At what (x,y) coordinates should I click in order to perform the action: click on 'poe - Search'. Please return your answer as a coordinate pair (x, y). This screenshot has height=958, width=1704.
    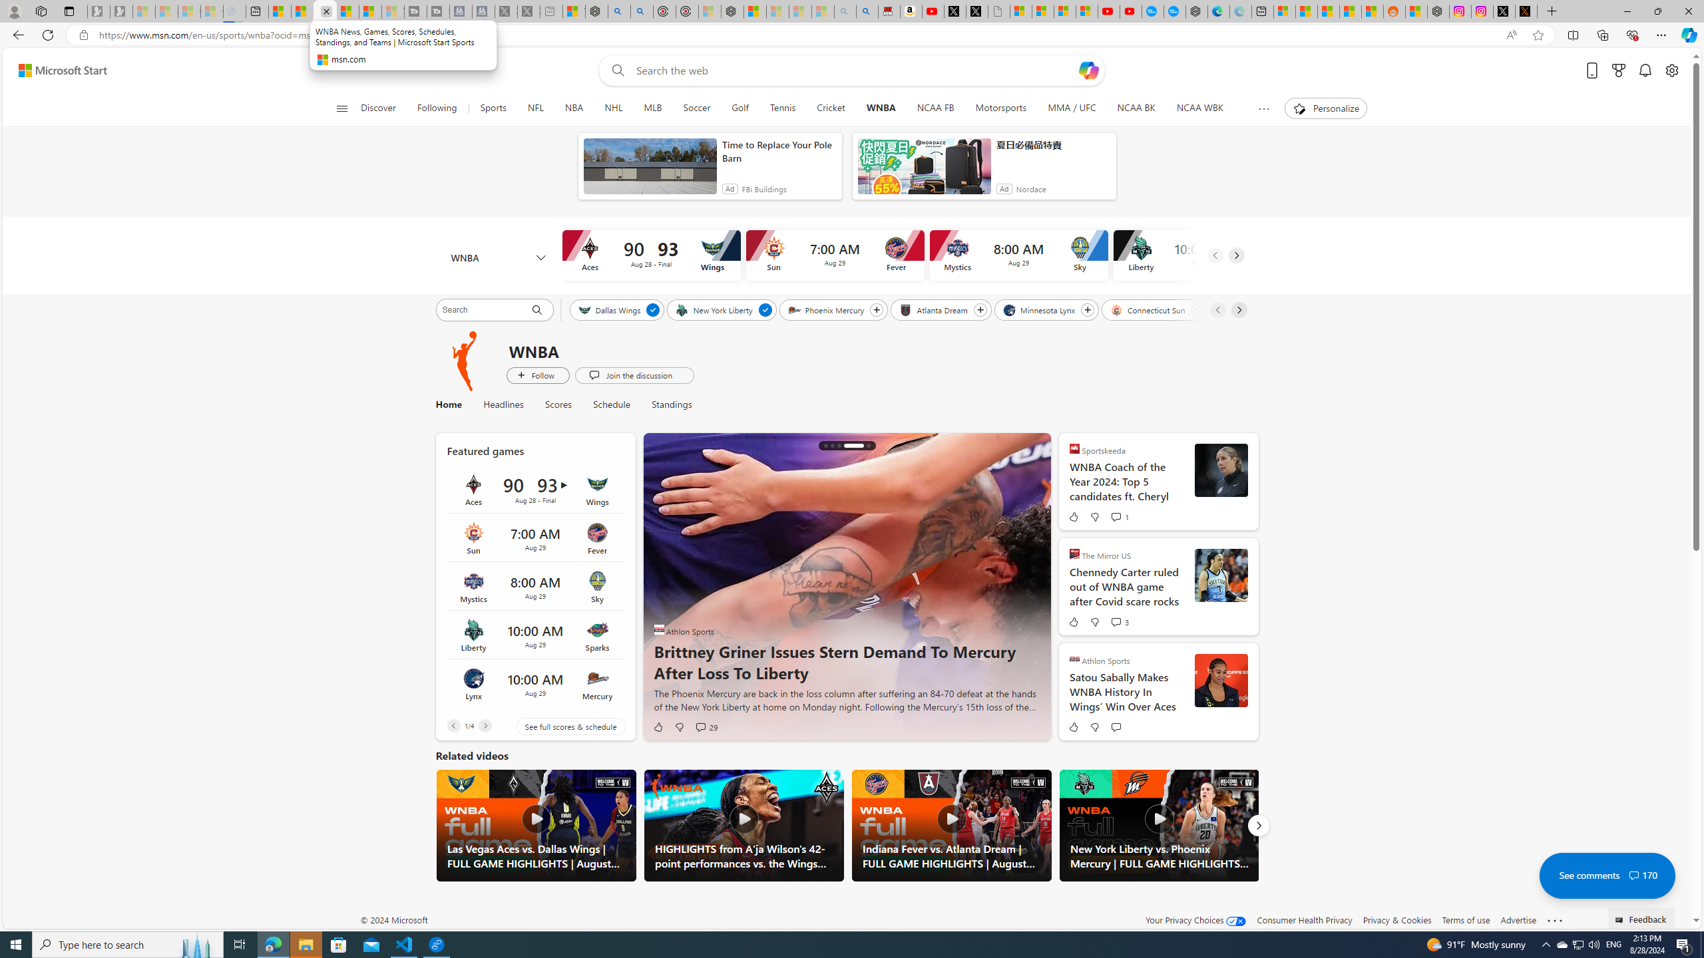
    Looking at the image, I should click on (618, 11).